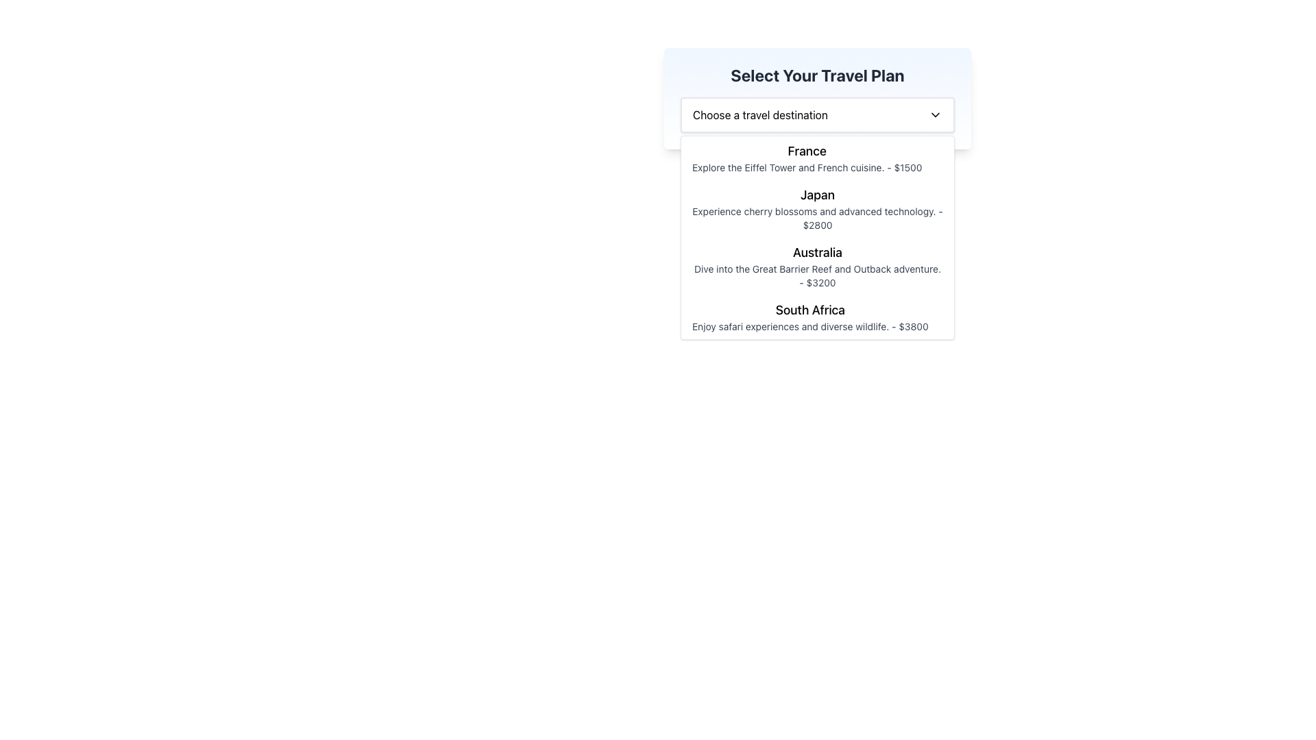  I want to click on the second travel option in the dropdown menu that displays 'Japan' along with its pricing details, so click(818, 208).